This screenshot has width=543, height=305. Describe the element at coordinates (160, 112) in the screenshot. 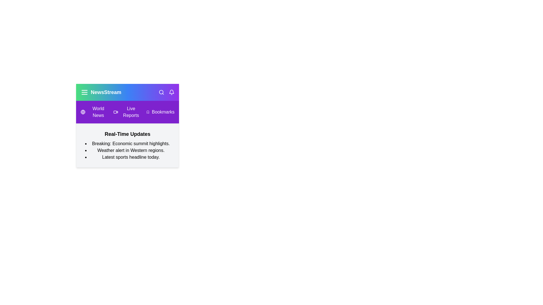

I see `the navigation option Bookmarks to navigate to the respective section` at that location.